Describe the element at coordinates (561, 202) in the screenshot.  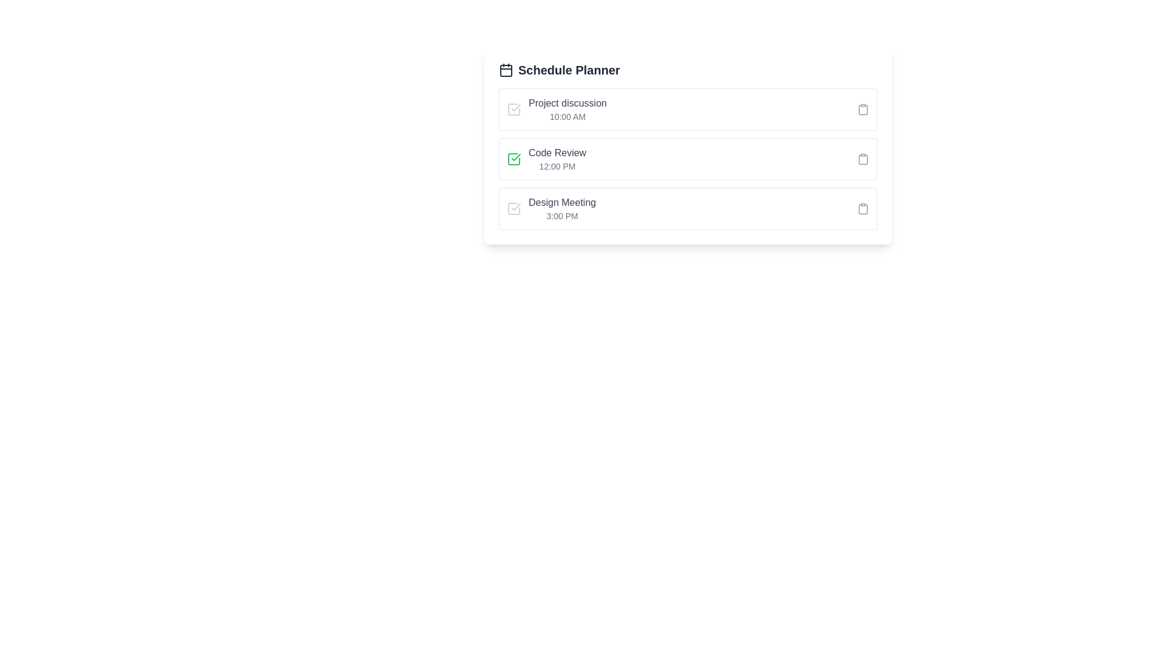
I see `the task name Design Meeting to inspect its details` at that location.